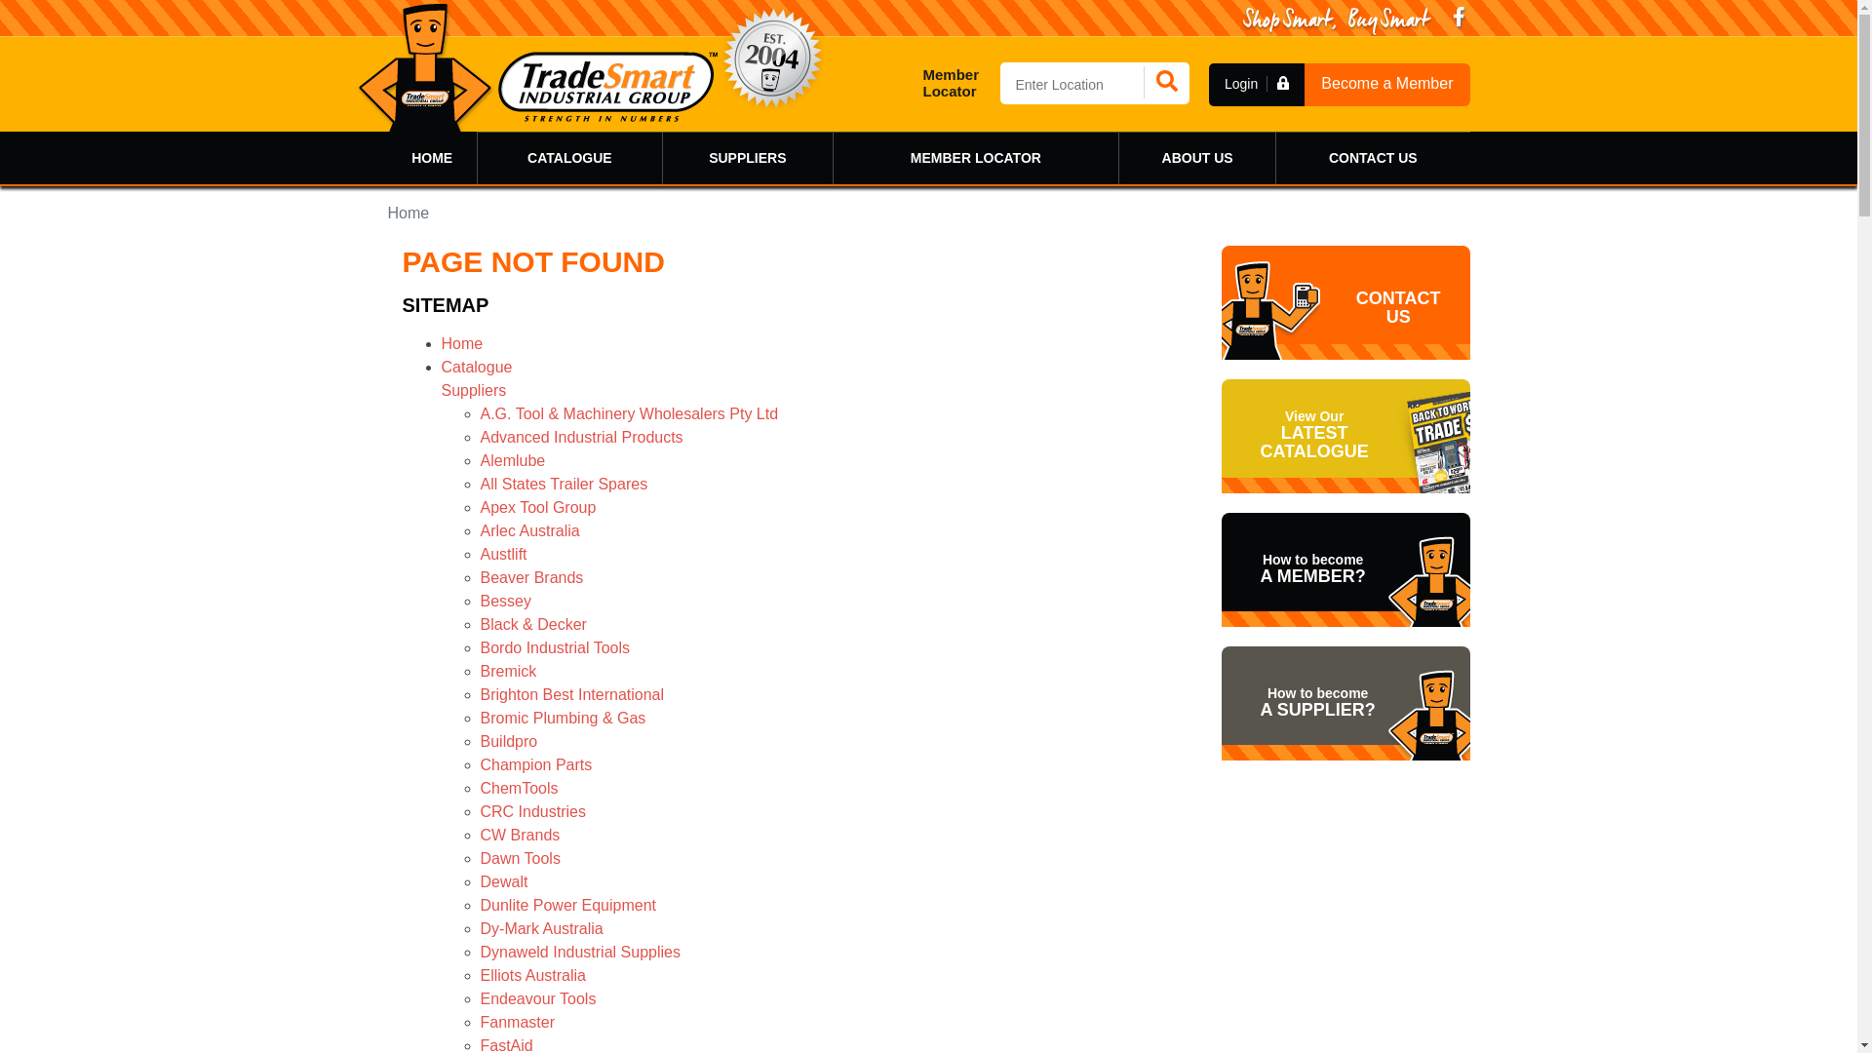 This screenshot has height=1053, width=1872. What do you see at coordinates (628, 412) in the screenshot?
I see `'A.G. Tool & Machinery Wholesalers Pty Ltd'` at bounding box center [628, 412].